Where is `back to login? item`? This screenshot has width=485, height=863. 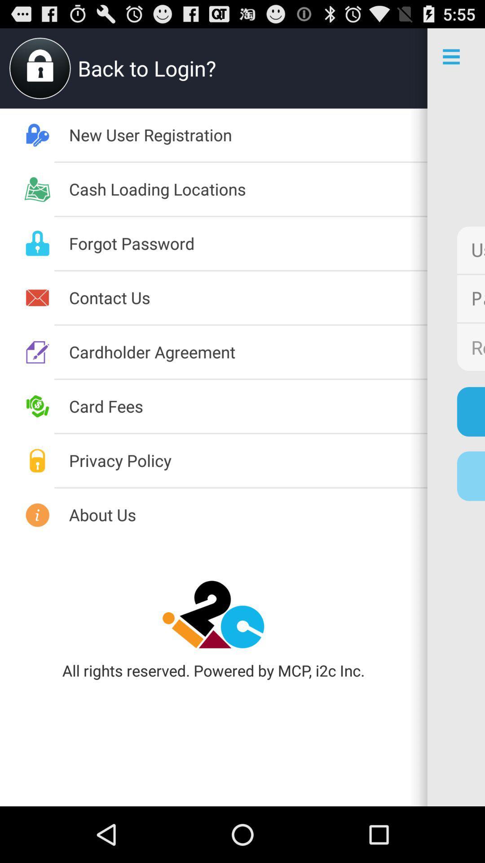
back to login? item is located at coordinates (237, 67).